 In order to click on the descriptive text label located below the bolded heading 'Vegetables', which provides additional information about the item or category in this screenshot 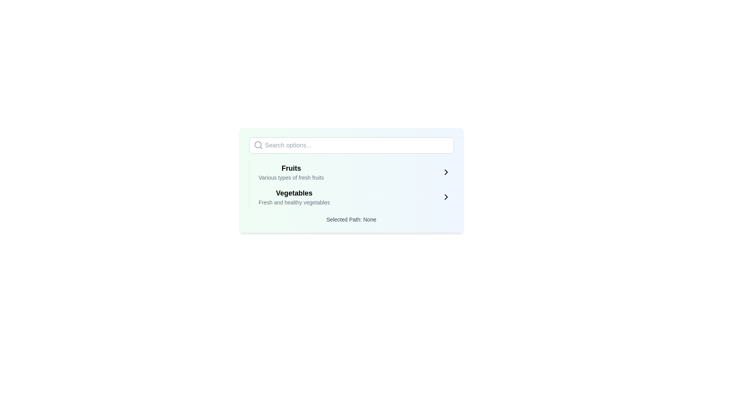, I will do `click(294, 202)`.